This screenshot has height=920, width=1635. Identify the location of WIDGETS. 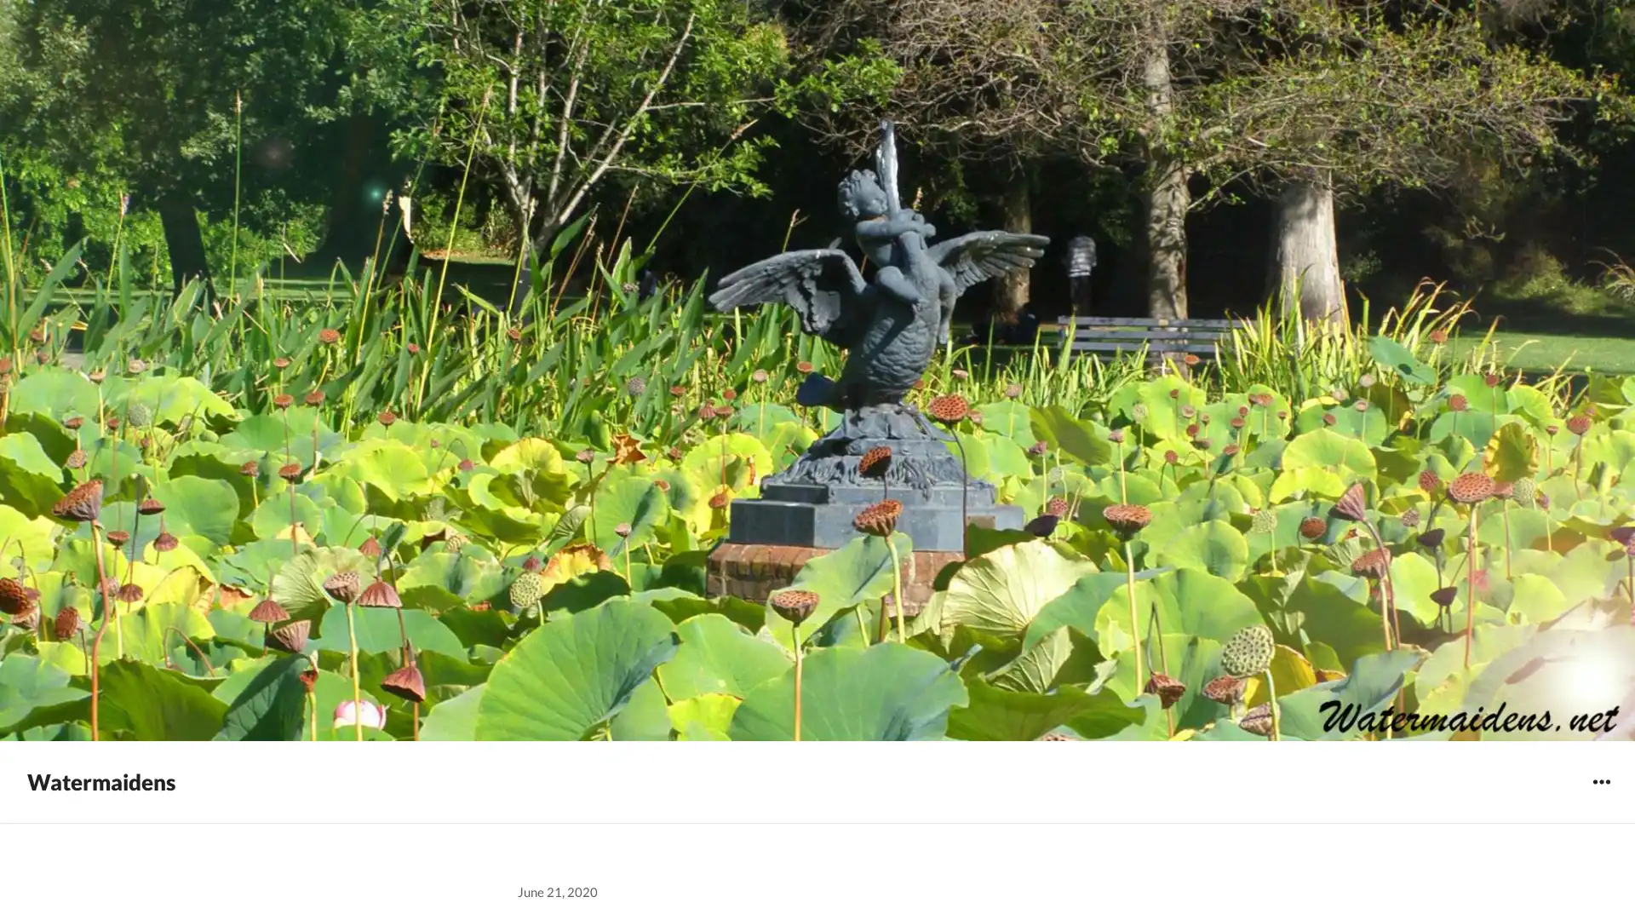
(1600, 781).